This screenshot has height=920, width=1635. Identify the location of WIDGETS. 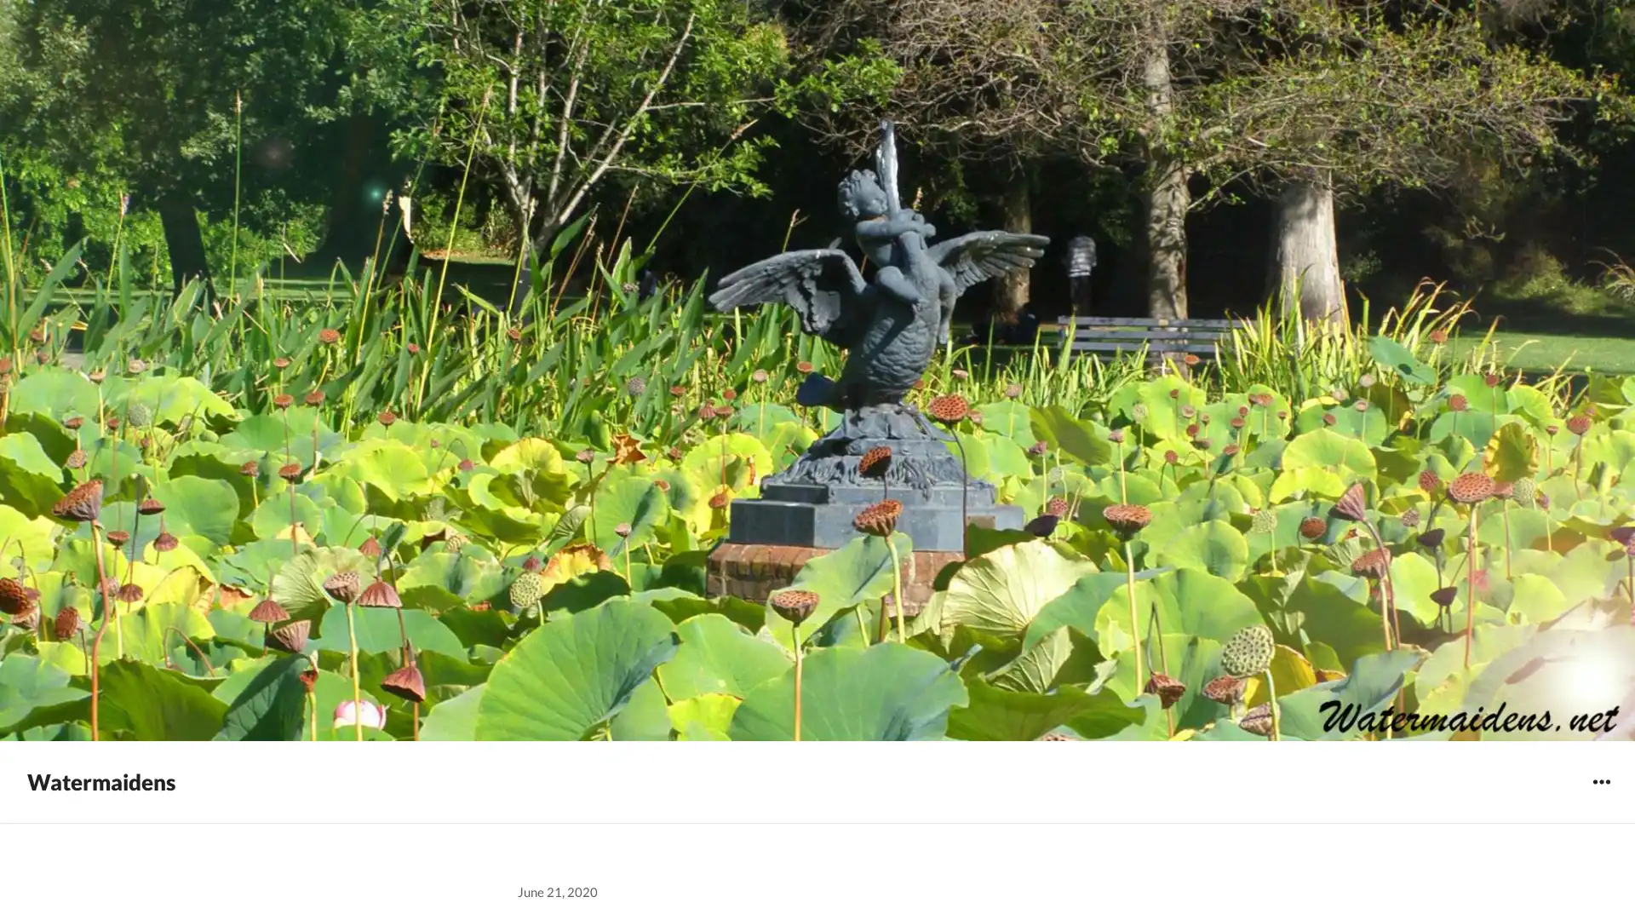
(1600, 781).